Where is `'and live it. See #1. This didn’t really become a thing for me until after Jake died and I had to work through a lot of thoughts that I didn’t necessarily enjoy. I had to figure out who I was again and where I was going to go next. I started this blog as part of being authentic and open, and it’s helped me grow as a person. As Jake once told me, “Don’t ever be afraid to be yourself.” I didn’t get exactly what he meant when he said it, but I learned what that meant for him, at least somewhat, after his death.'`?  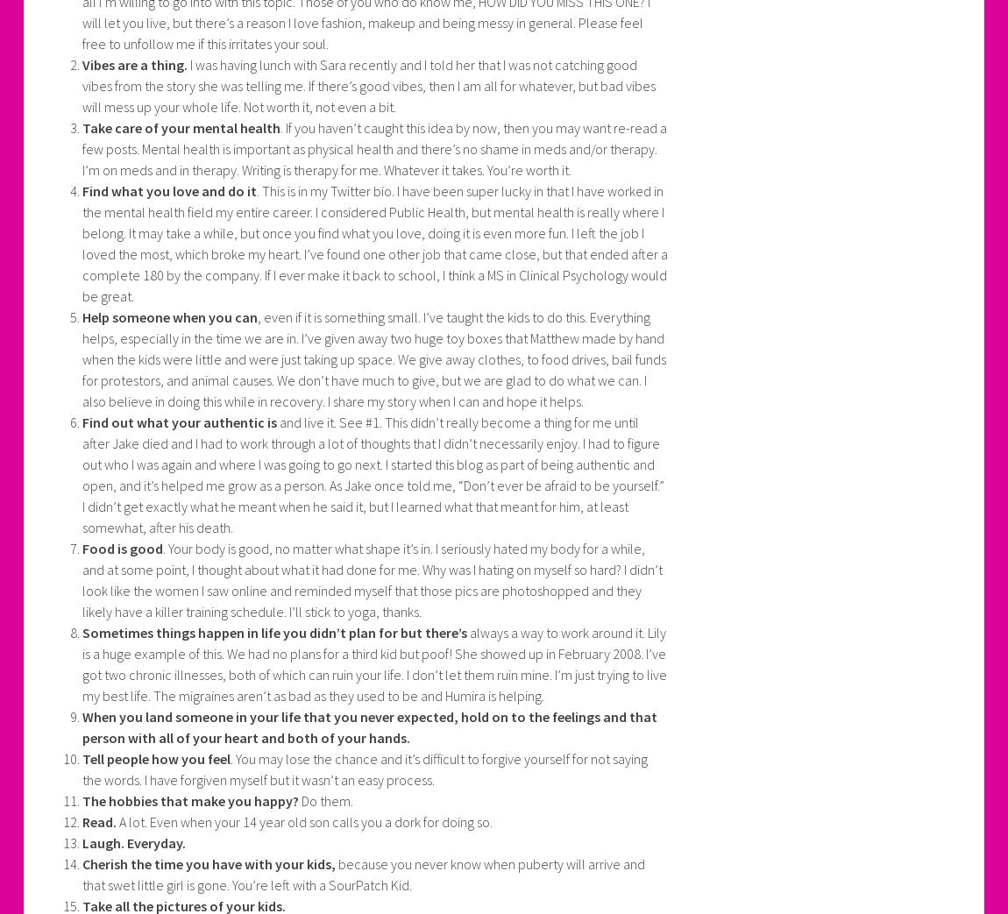
'and live it. See #1. This didn’t really become a thing for me until after Jake died and I had to work through a lot of thoughts that I didn’t necessarily enjoy. I had to figure out who I was again and where I was going to go next. I started this blog as part of being authentic and open, and it’s helped me grow as a person. As Jake once told me, “Don’t ever be afraid to be yourself.” I didn’t get exactly what he meant when he said it, but I learned what that meant for him, at least somewhat, after his death.' is located at coordinates (373, 475).